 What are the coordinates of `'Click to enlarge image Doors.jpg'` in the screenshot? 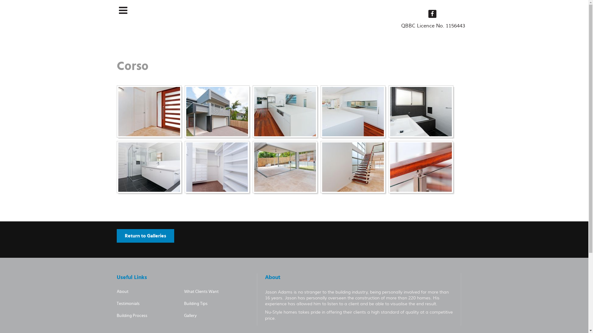 It's located at (149, 112).